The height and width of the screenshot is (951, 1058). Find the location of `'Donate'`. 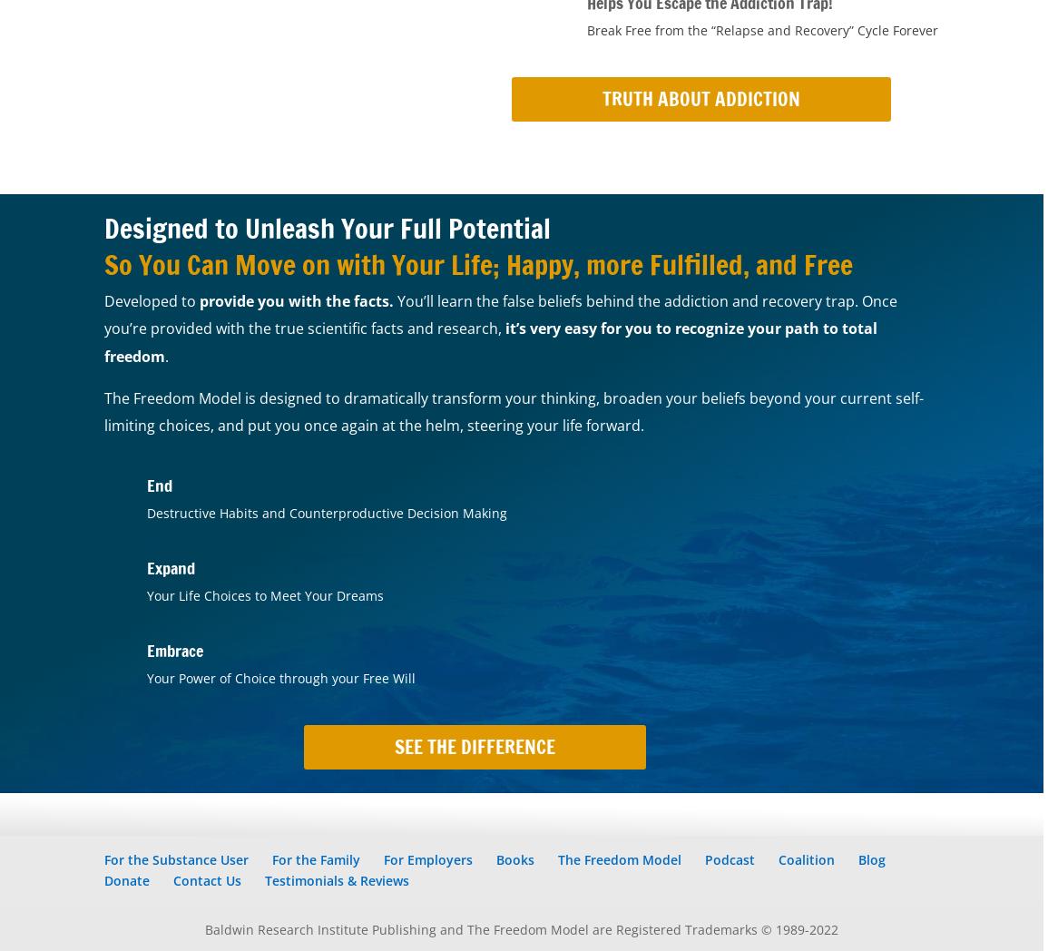

'Donate' is located at coordinates (127, 879).